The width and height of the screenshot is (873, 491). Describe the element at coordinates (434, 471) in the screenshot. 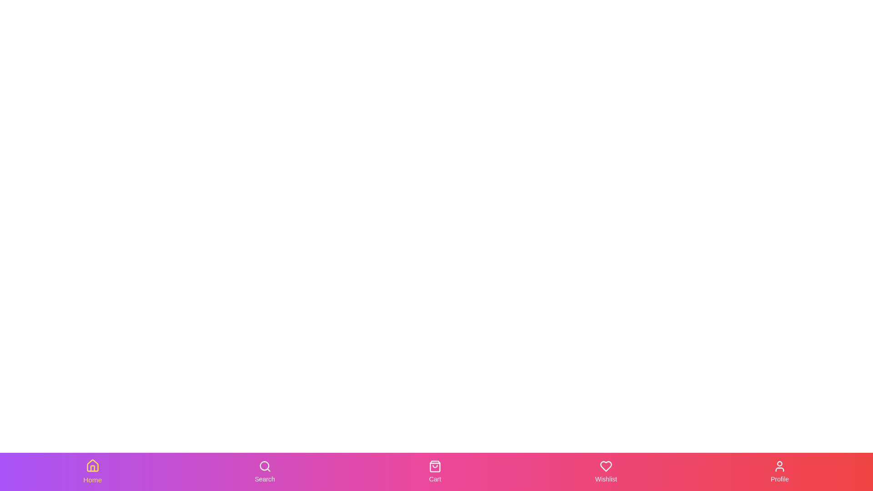

I see `the Cart tab in the bottom navigation` at that location.